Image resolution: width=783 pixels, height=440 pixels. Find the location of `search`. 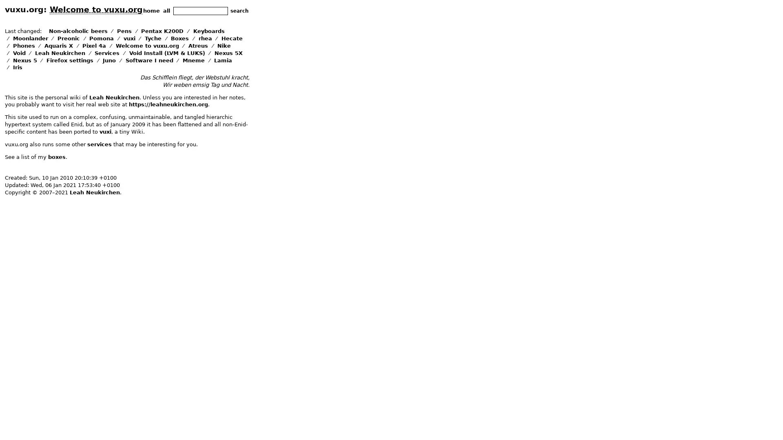

search is located at coordinates (239, 11).